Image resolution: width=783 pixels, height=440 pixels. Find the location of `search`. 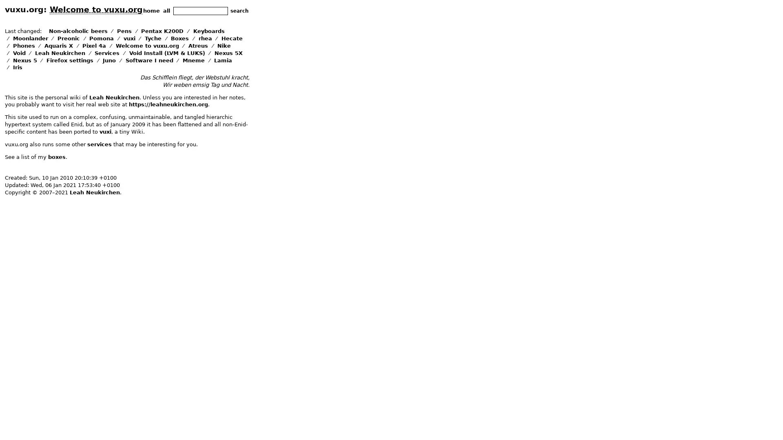

search is located at coordinates (239, 11).